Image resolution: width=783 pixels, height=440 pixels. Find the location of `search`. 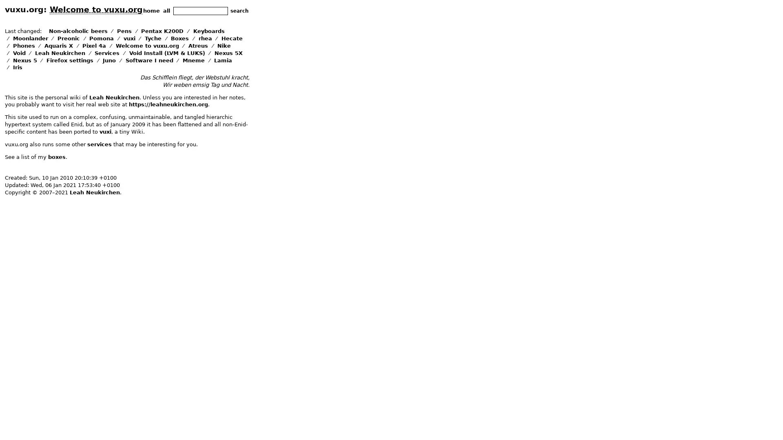

search is located at coordinates (239, 11).